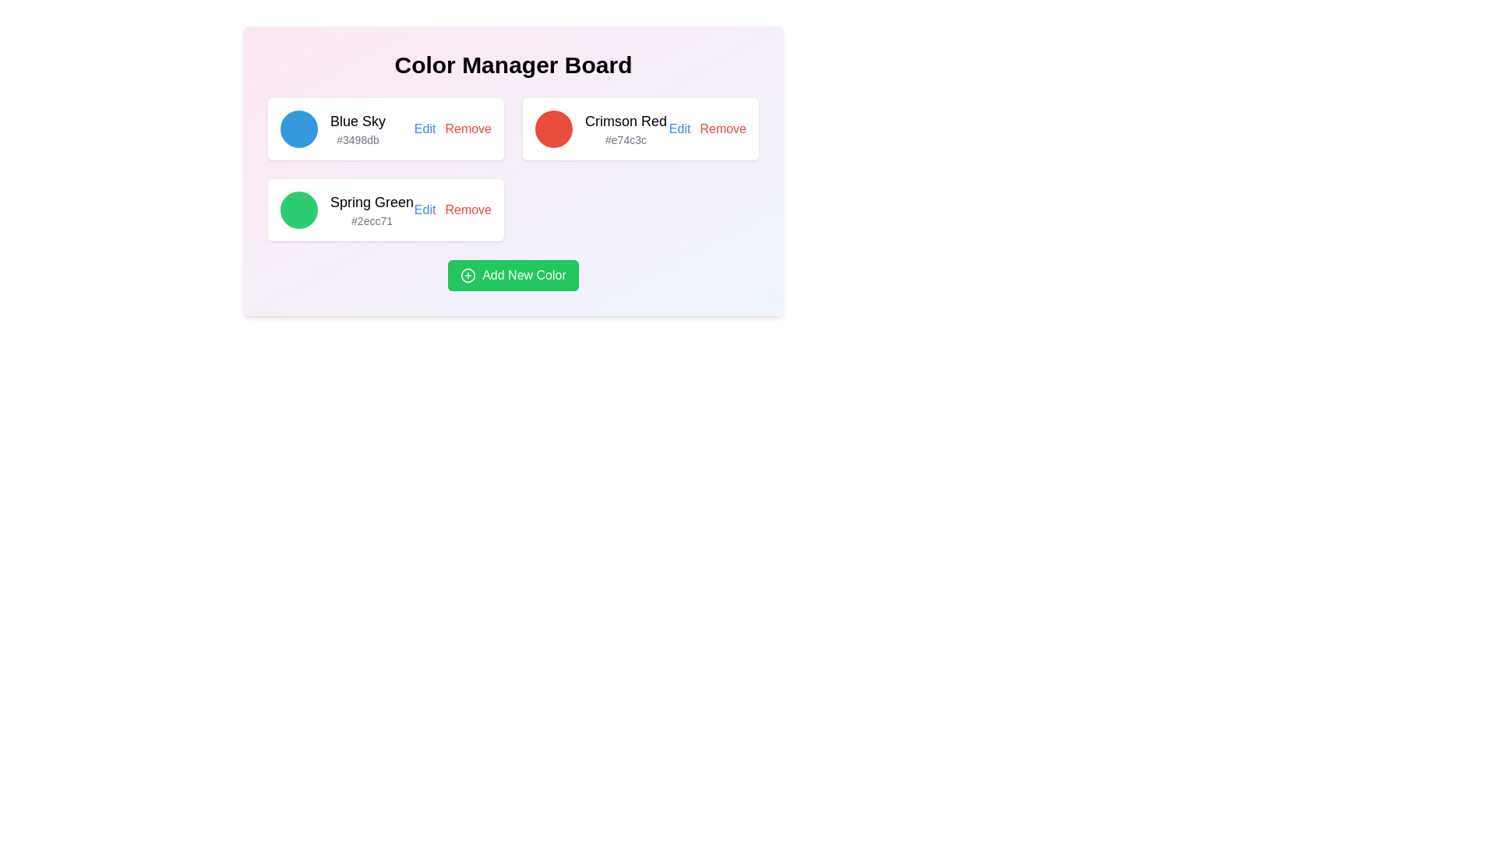 The height and width of the screenshot is (841, 1496). What do you see at coordinates (553, 128) in the screenshot?
I see `the crimson red Color preview icon` at bounding box center [553, 128].